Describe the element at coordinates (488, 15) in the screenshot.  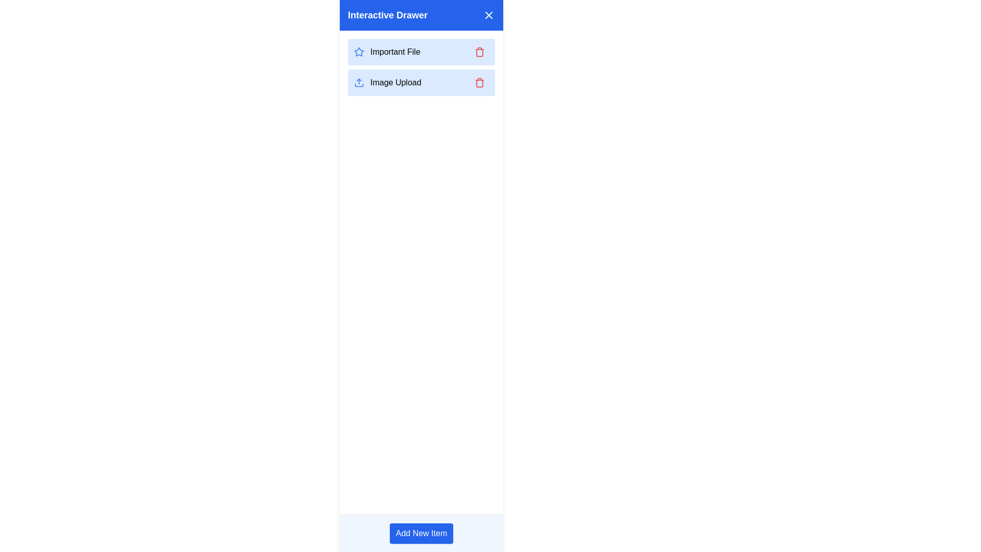
I see `the 'X' icon located in the top-right corner of the blue header, which is used` at that location.